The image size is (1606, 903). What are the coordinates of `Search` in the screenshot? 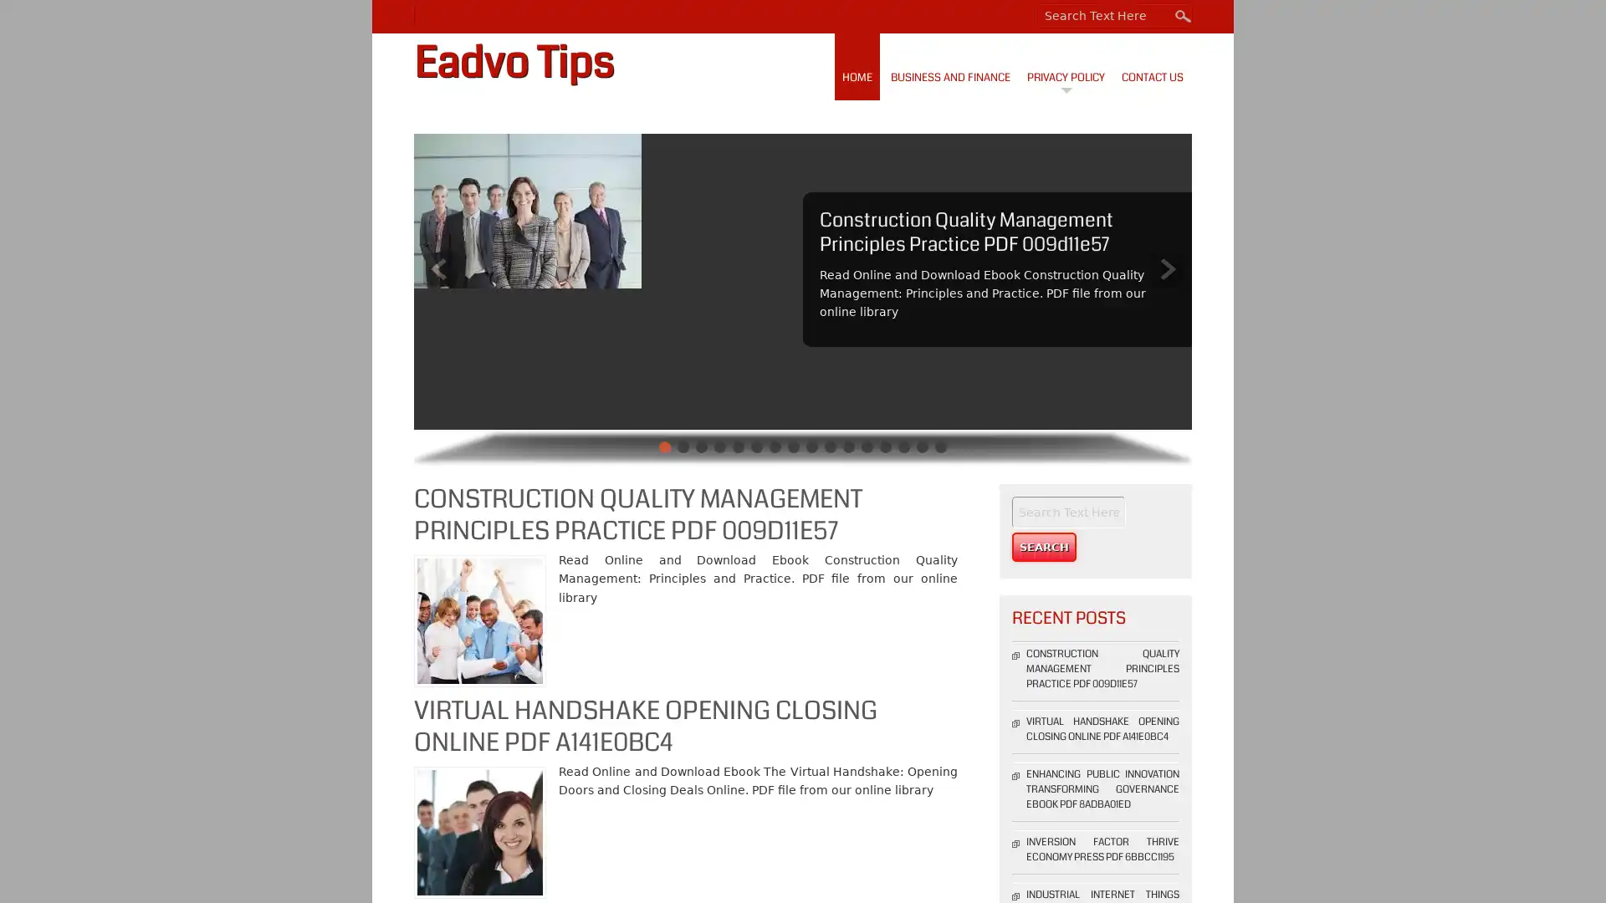 It's located at (1043, 547).